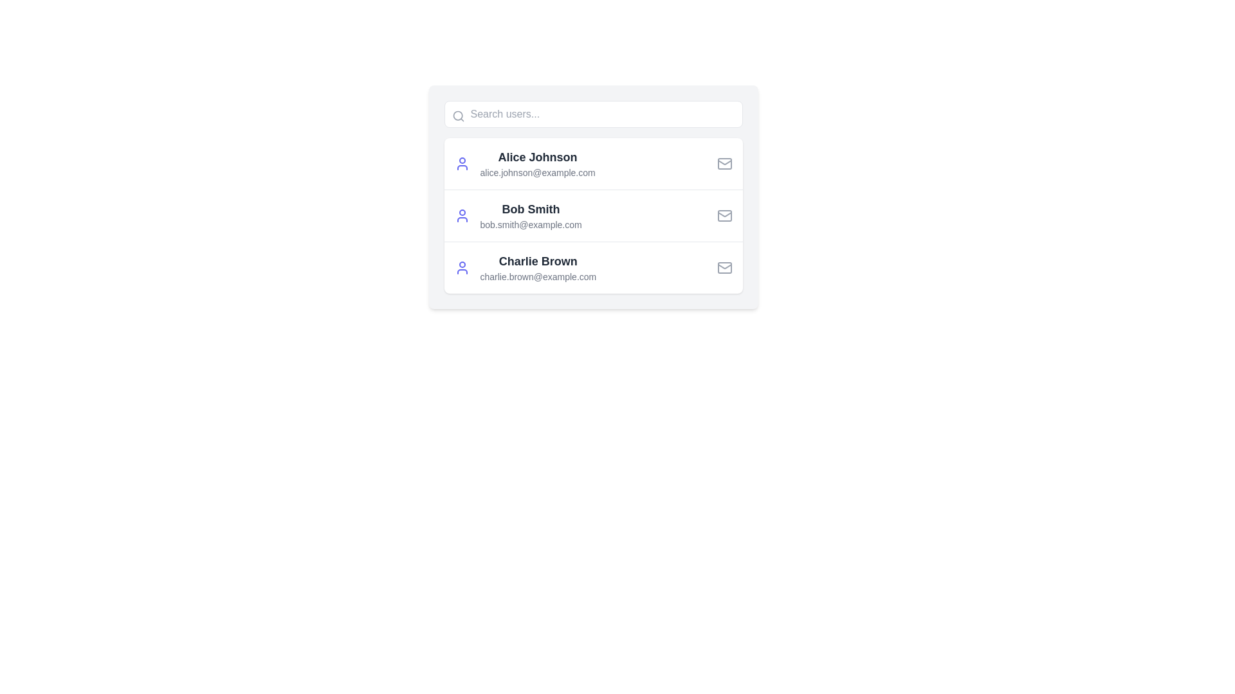 The width and height of the screenshot is (1235, 694). What do you see at coordinates (462, 215) in the screenshot?
I see `the purple user profile silhouette icon located to the left of 'Bob Smith' and his email` at bounding box center [462, 215].